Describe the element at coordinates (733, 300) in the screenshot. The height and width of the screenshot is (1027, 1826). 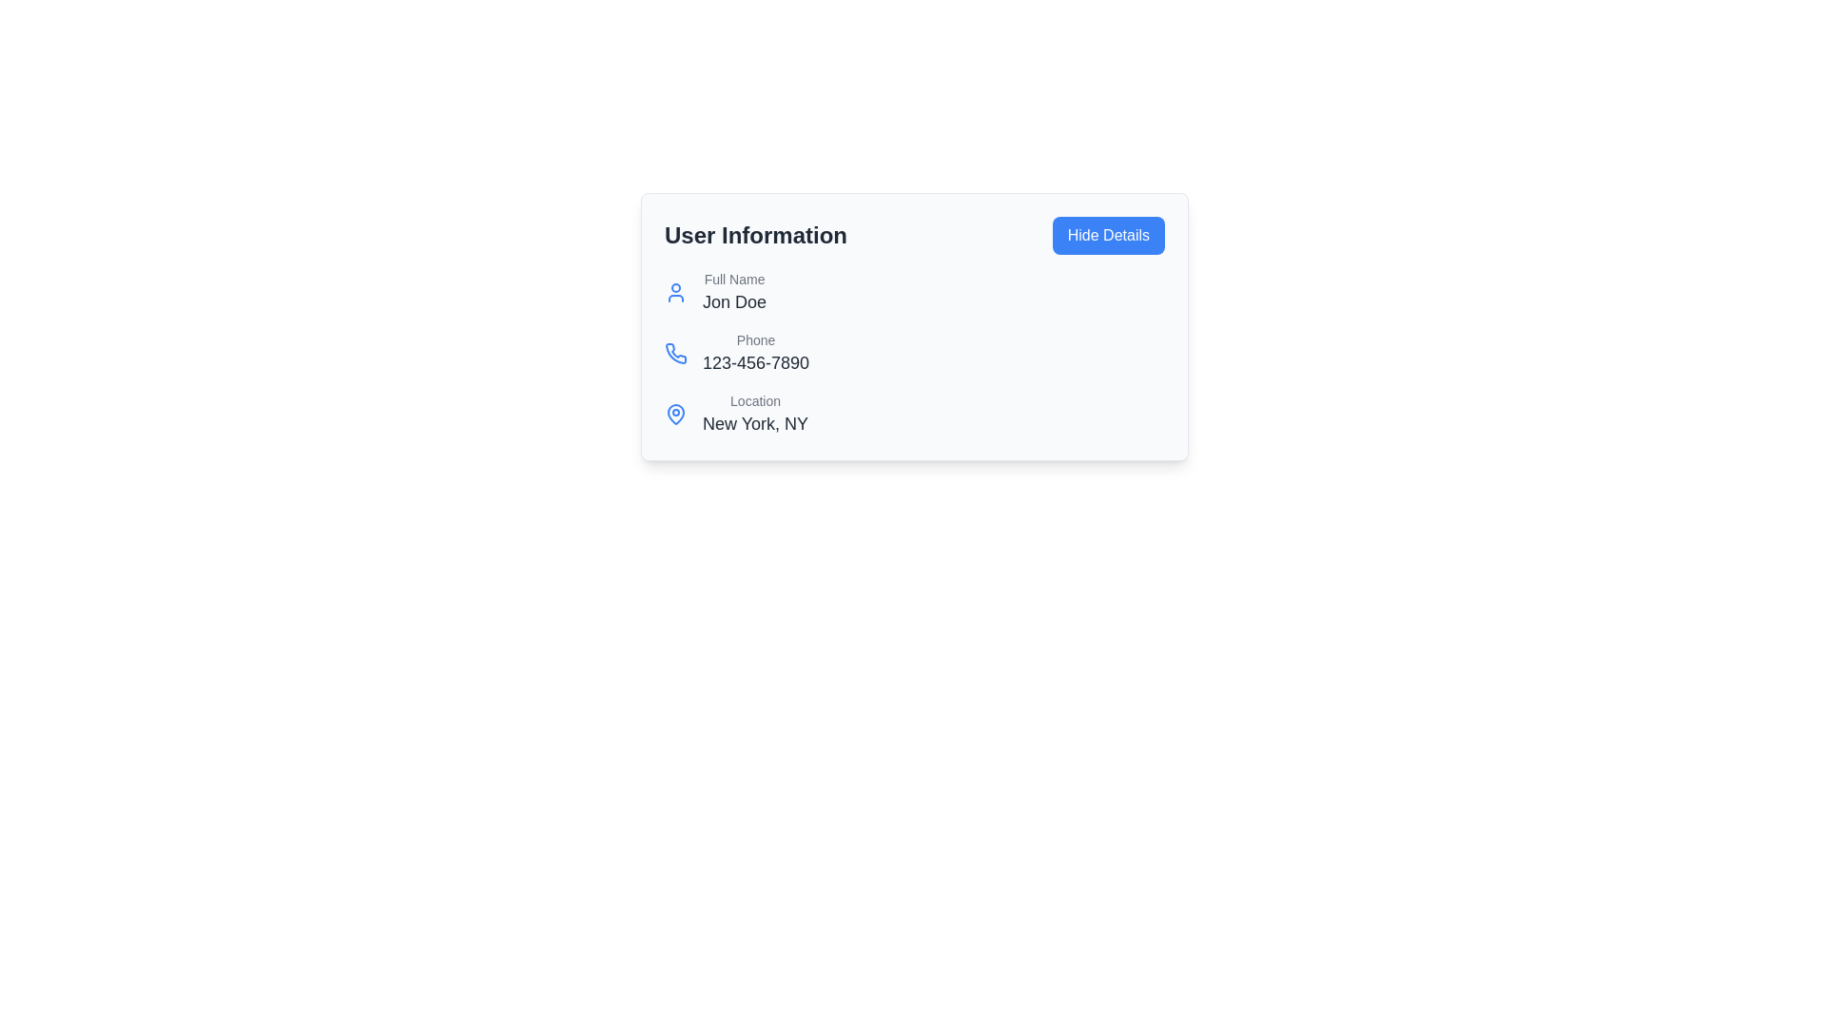
I see `the text displayed in the user's full name field, which is located in the user information card directly beneath the 'Full Name' label` at that location.